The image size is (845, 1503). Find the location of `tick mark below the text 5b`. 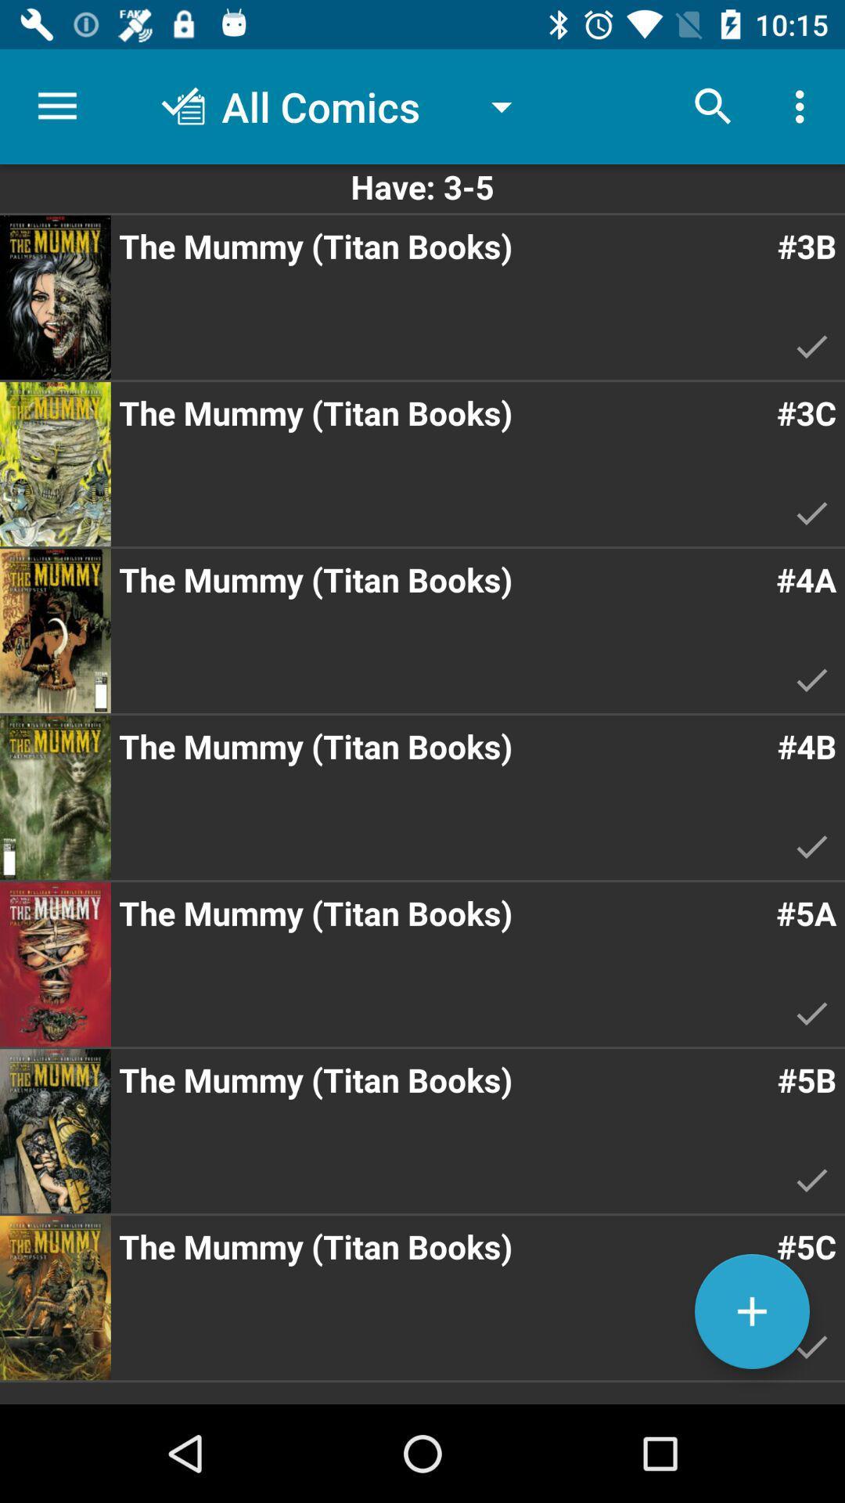

tick mark below the text 5b is located at coordinates (811, 1180).